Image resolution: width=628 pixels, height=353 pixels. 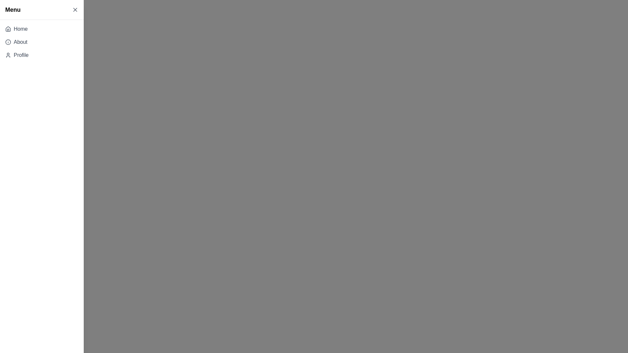 What do you see at coordinates (8, 55) in the screenshot?
I see `the user profile icon, which is a circular head and shoulders icon located next to the 'Profile' text in the left-hand menu` at bounding box center [8, 55].